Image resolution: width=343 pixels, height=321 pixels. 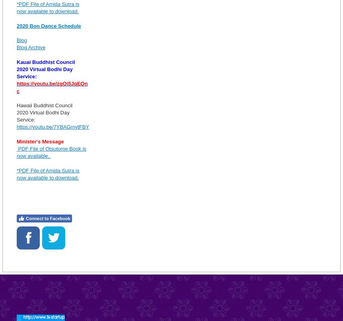 I want to click on 'Blog Archive', so click(x=31, y=47).